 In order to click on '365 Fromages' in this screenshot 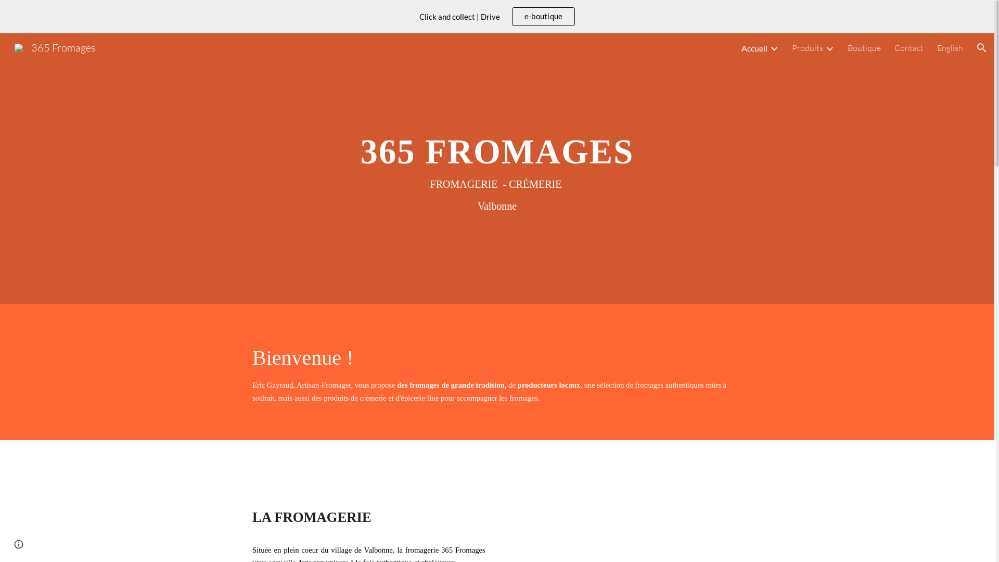, I will do `click(54, 46)`.